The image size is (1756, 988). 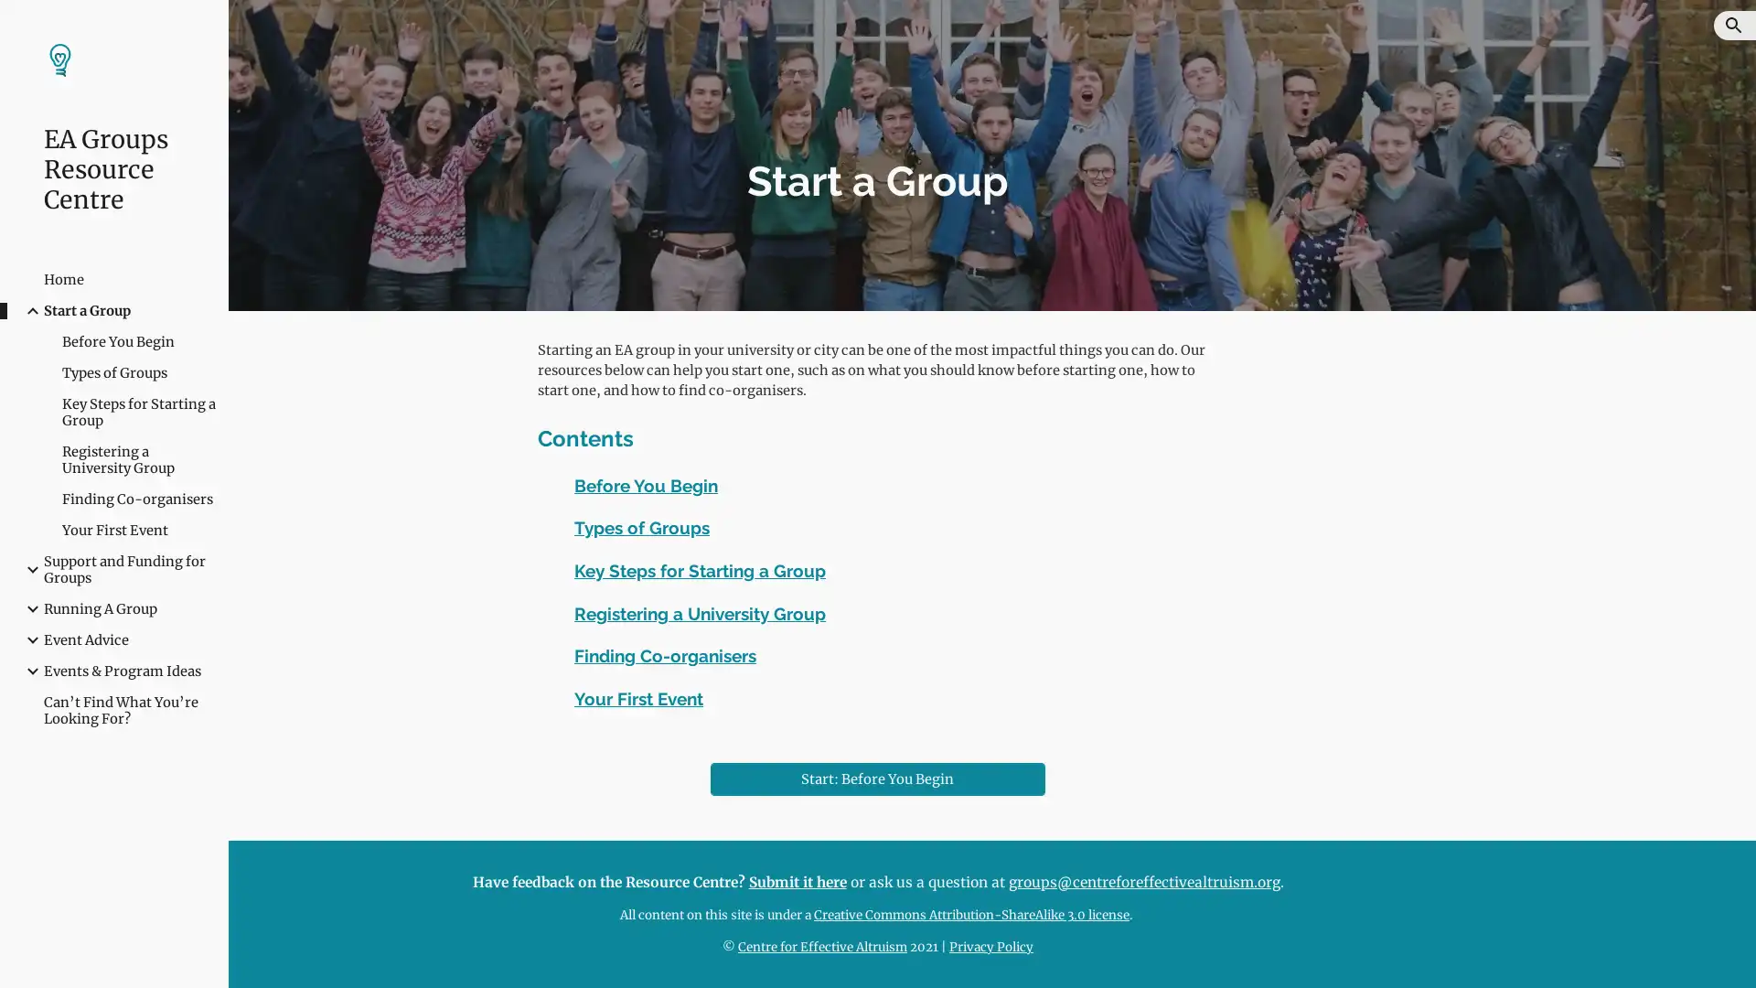 What do you see at coordinates (1042, 34) in the screenshot?
I see `Skip to navigation` at bounding box center [1042, 34].